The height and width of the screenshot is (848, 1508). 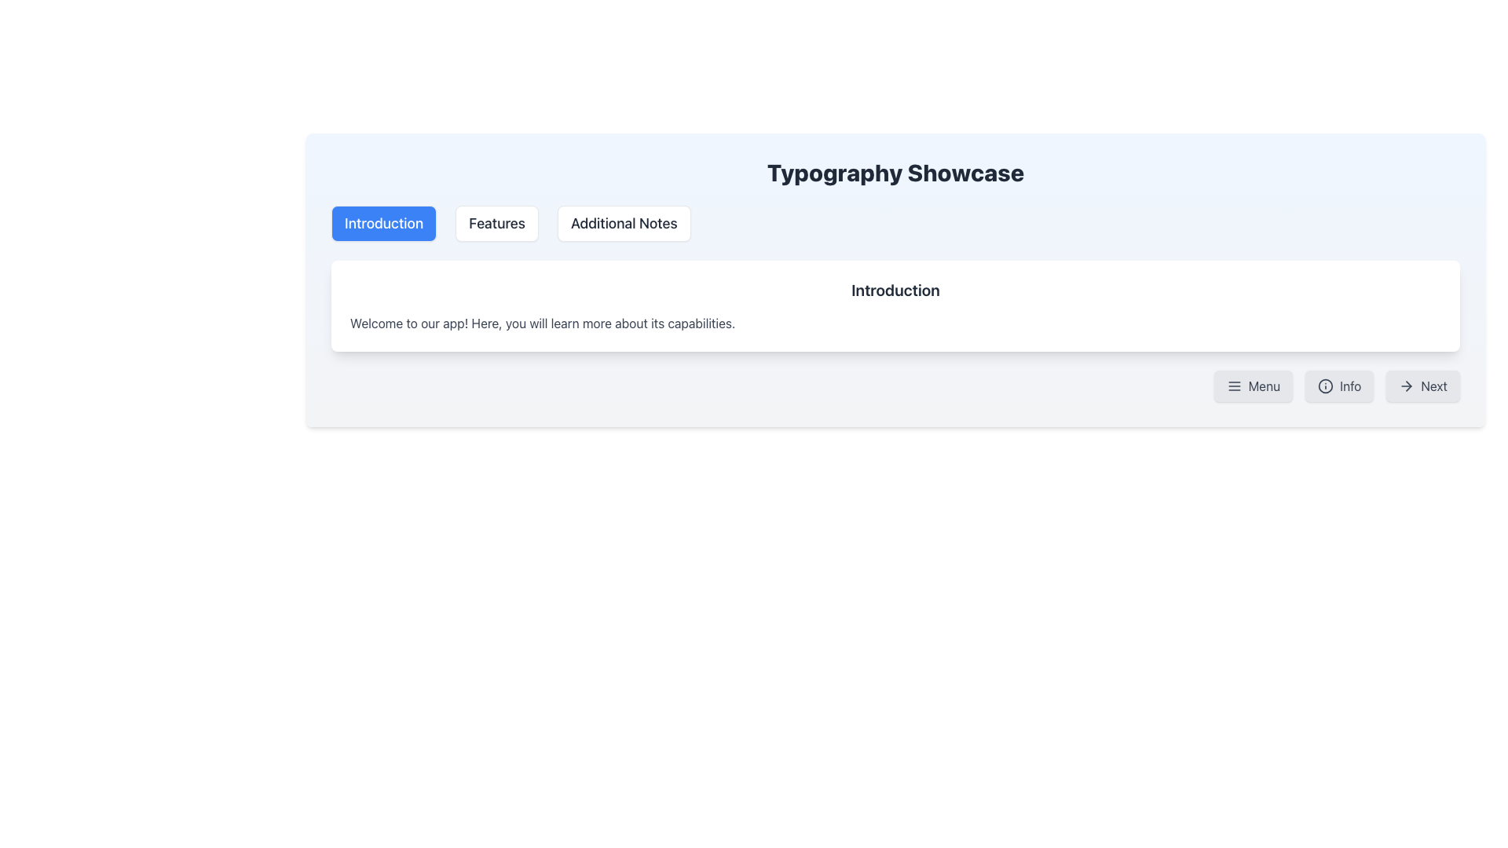 What do you see at coordinates (623, 224) in the screenshot?
I see `the 'Additional Notes' button` at bounding box center [623, 224].